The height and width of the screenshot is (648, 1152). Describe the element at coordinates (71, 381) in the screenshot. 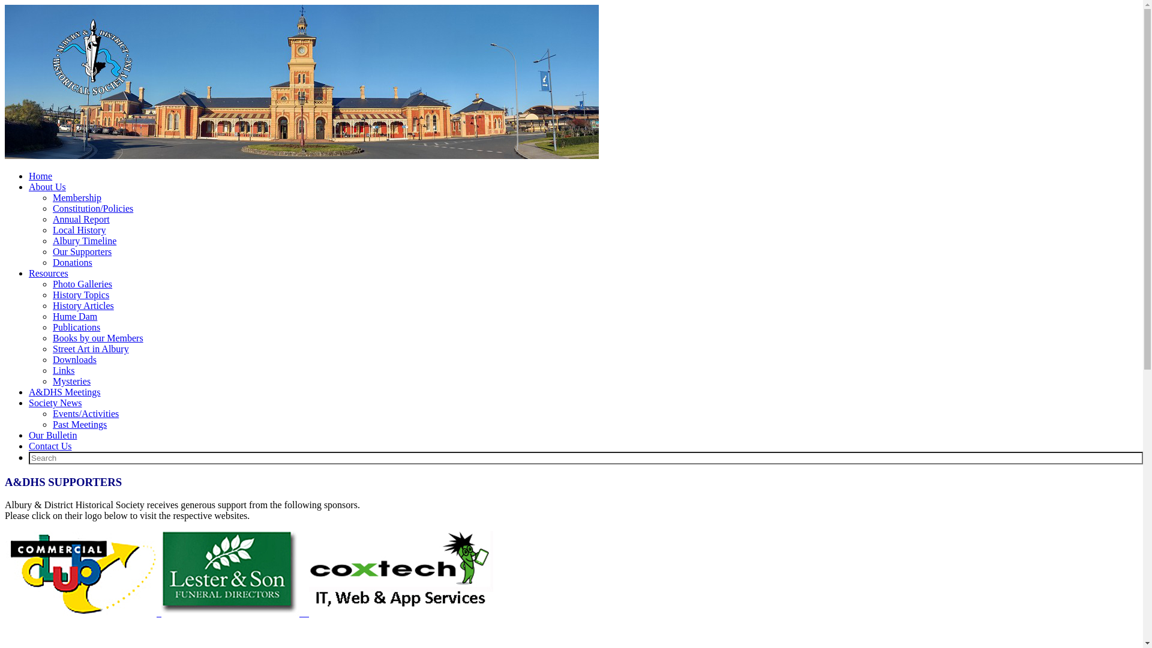

I see `'Mysteries'` at that location.